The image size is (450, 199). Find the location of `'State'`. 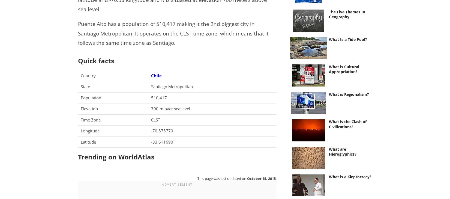

'State' is located at coordinates (85, 86).